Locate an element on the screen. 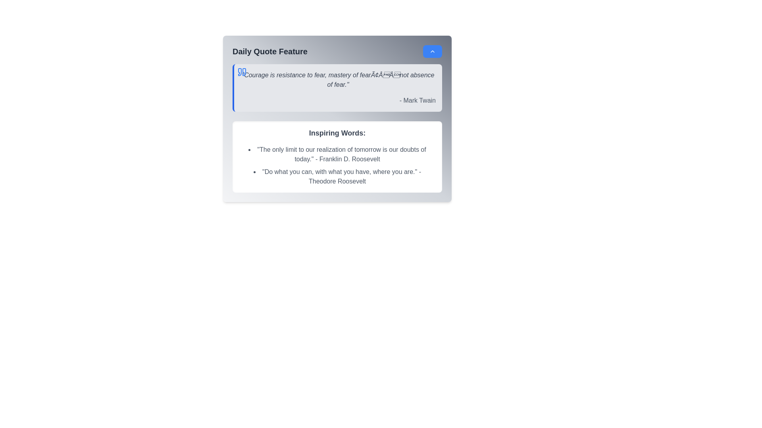 The image size is (762, 428). the inspirational quote text displayed as the first entry in the bullet-point format, located below the 'Inspiring Words' heading is located at coordinates (337, 154).